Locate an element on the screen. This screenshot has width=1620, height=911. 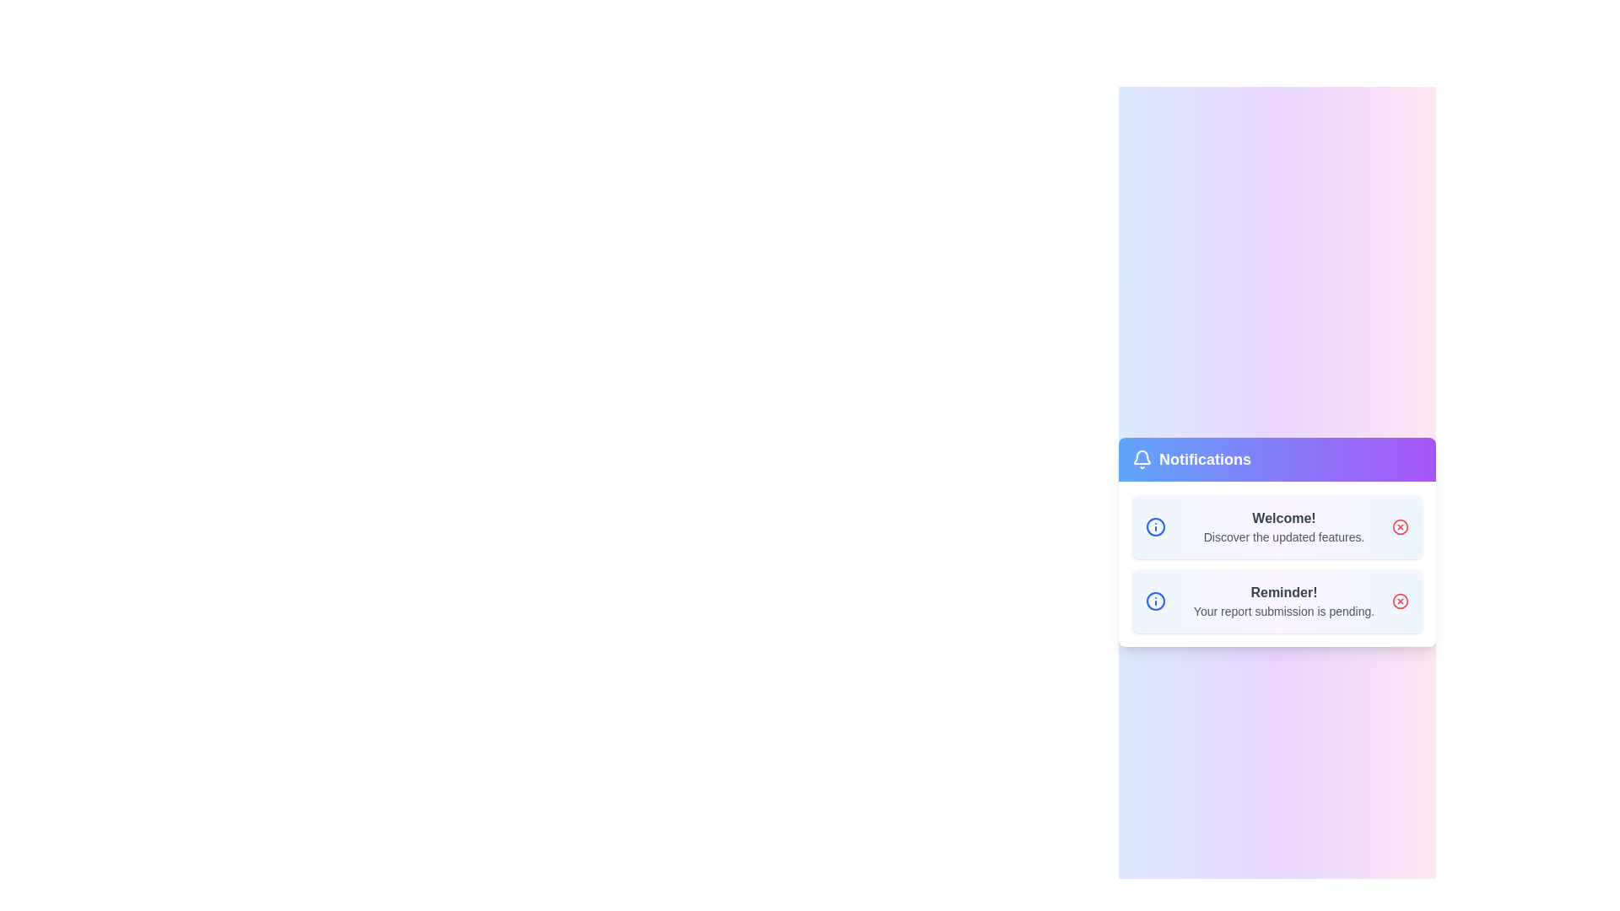
the close button icon located at the top-right corner of the 'Welcome!' notification item is located at coordinates (1401, 601).